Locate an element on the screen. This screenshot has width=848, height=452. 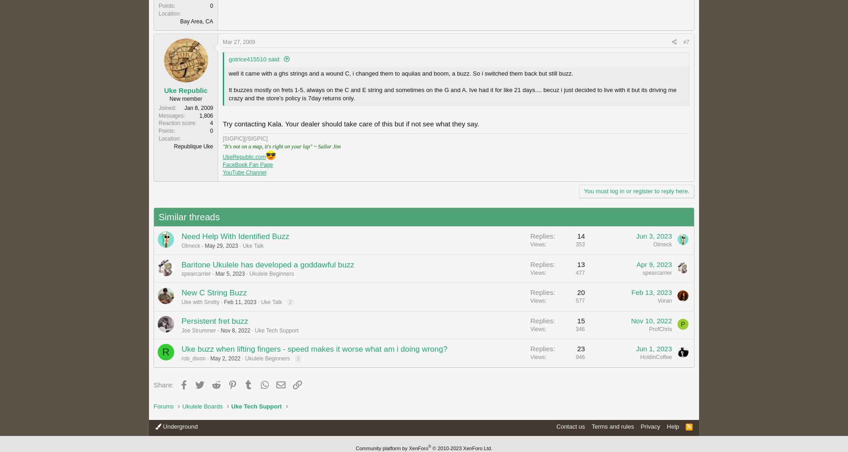
'May 2, 2022' is located at coordinates (225, 358).